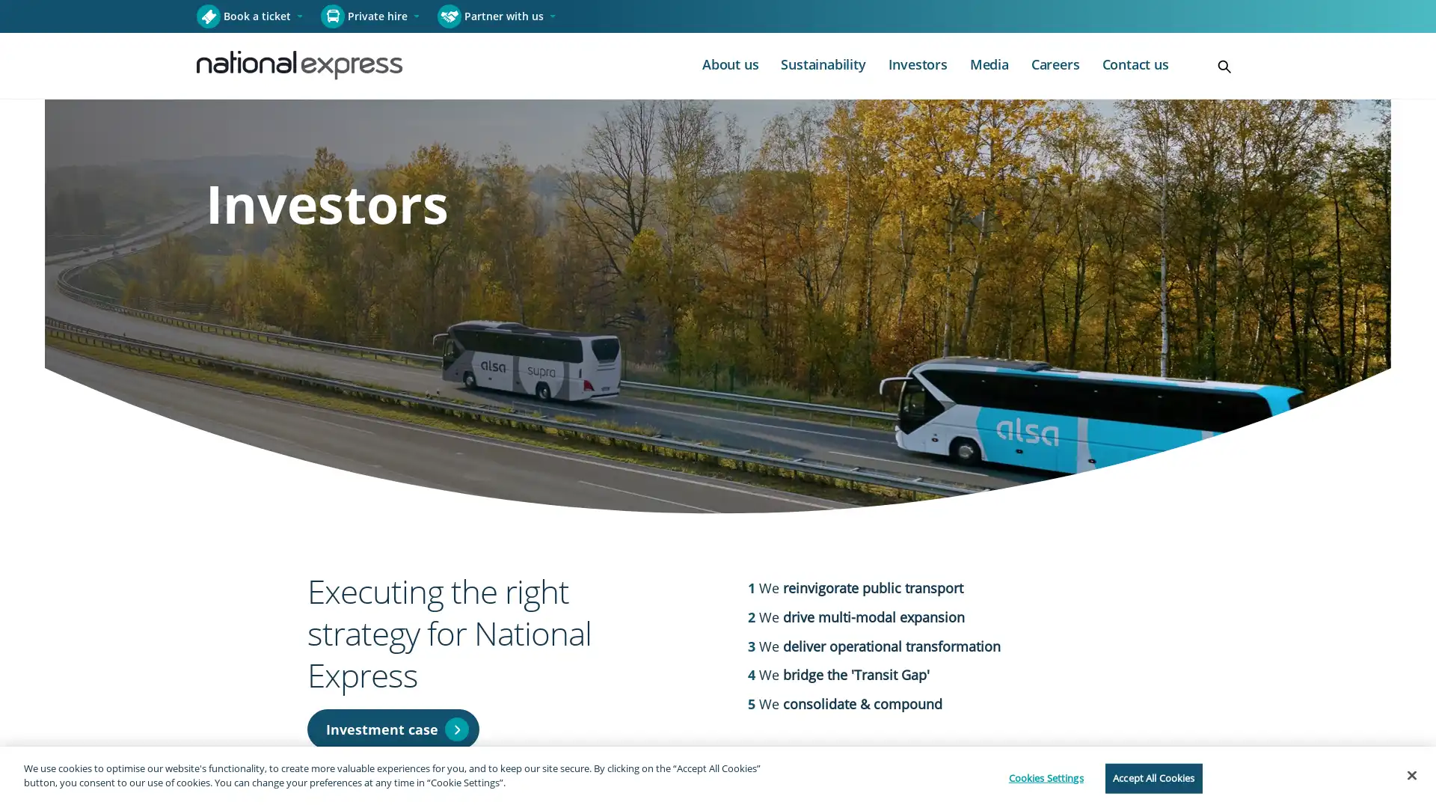 This screenshot has height=808, width=1436. What do you see at coordinates (1045, 777) in the screenshot?
I see `Cookies Settings` at bounding box center [1045, 777].